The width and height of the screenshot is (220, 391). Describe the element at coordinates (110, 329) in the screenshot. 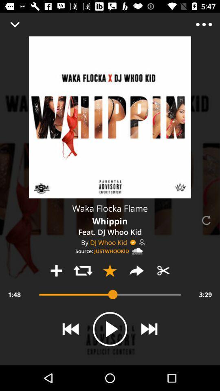

I see `the play icon` at that location.